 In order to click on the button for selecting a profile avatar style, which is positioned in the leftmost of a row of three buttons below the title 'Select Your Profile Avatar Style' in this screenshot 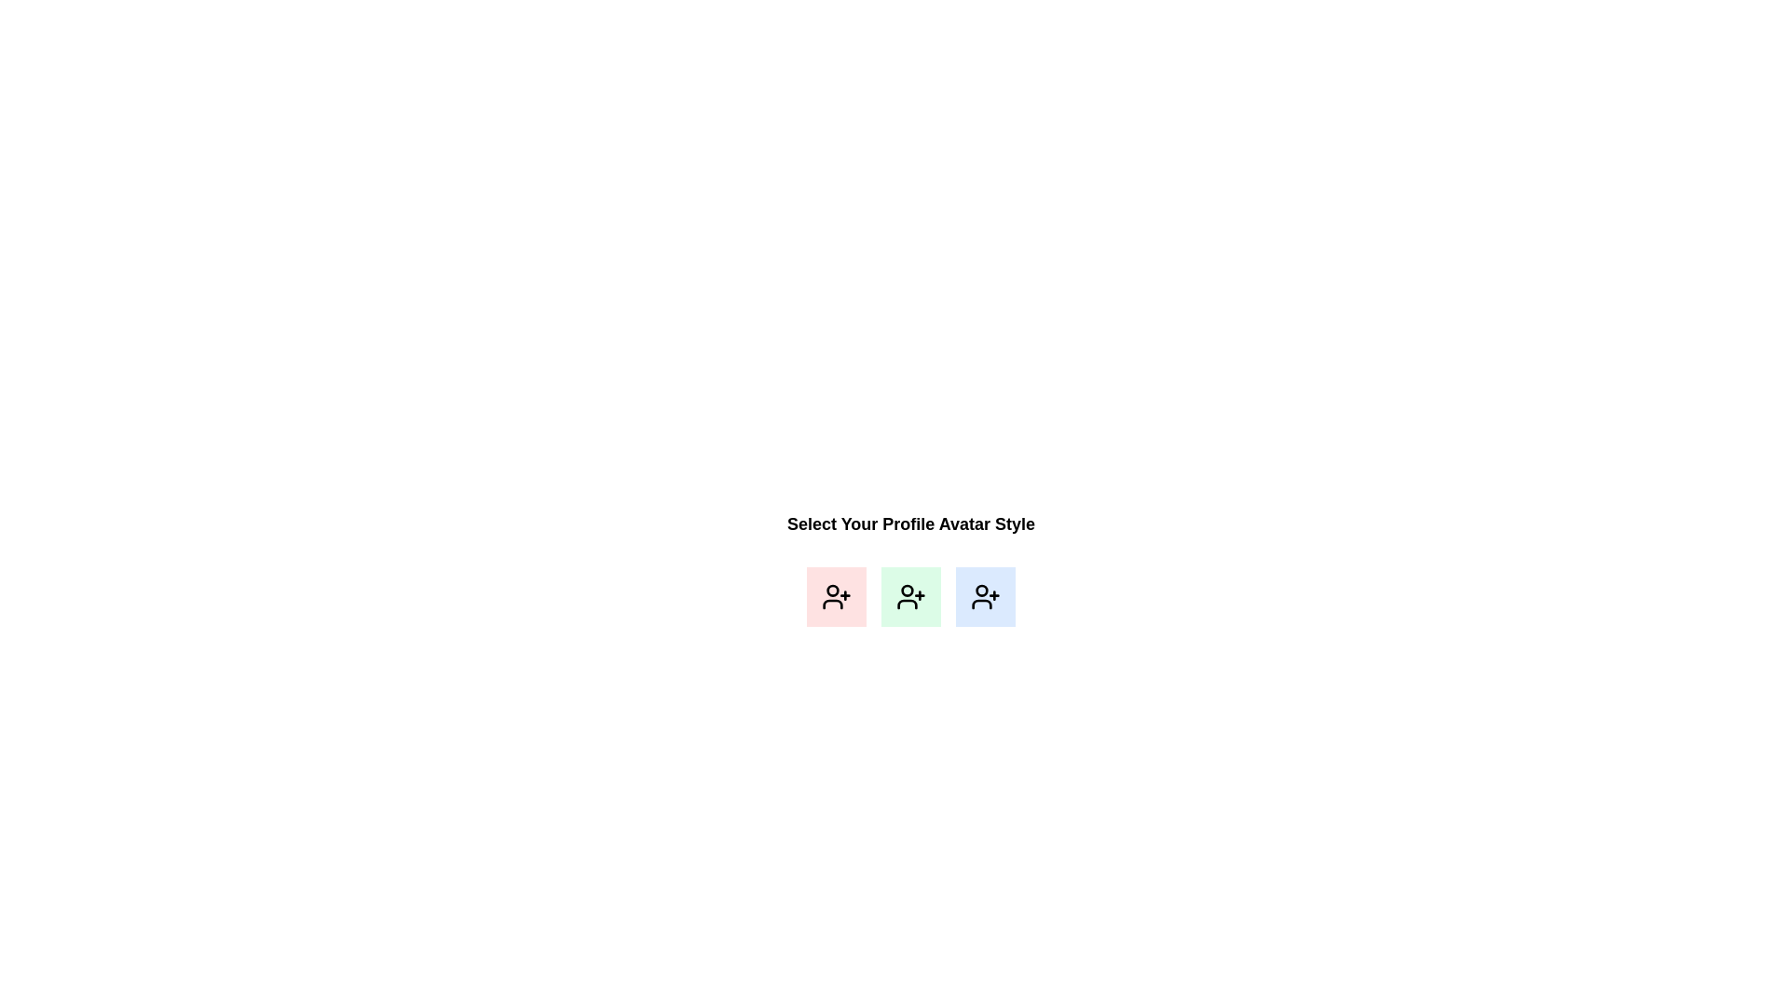, I will do `click(835, 596)`.